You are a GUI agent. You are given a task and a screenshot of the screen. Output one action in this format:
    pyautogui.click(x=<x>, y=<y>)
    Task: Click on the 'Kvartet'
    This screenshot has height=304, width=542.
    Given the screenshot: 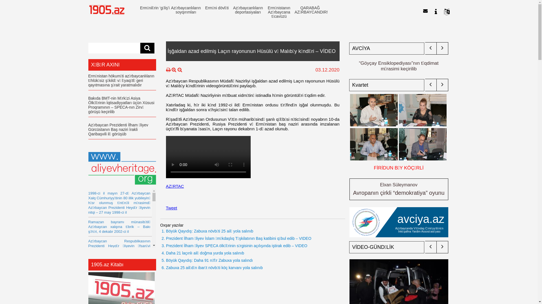 What is the action you would take?
    pyautogui.click(x=386, y=85)
    